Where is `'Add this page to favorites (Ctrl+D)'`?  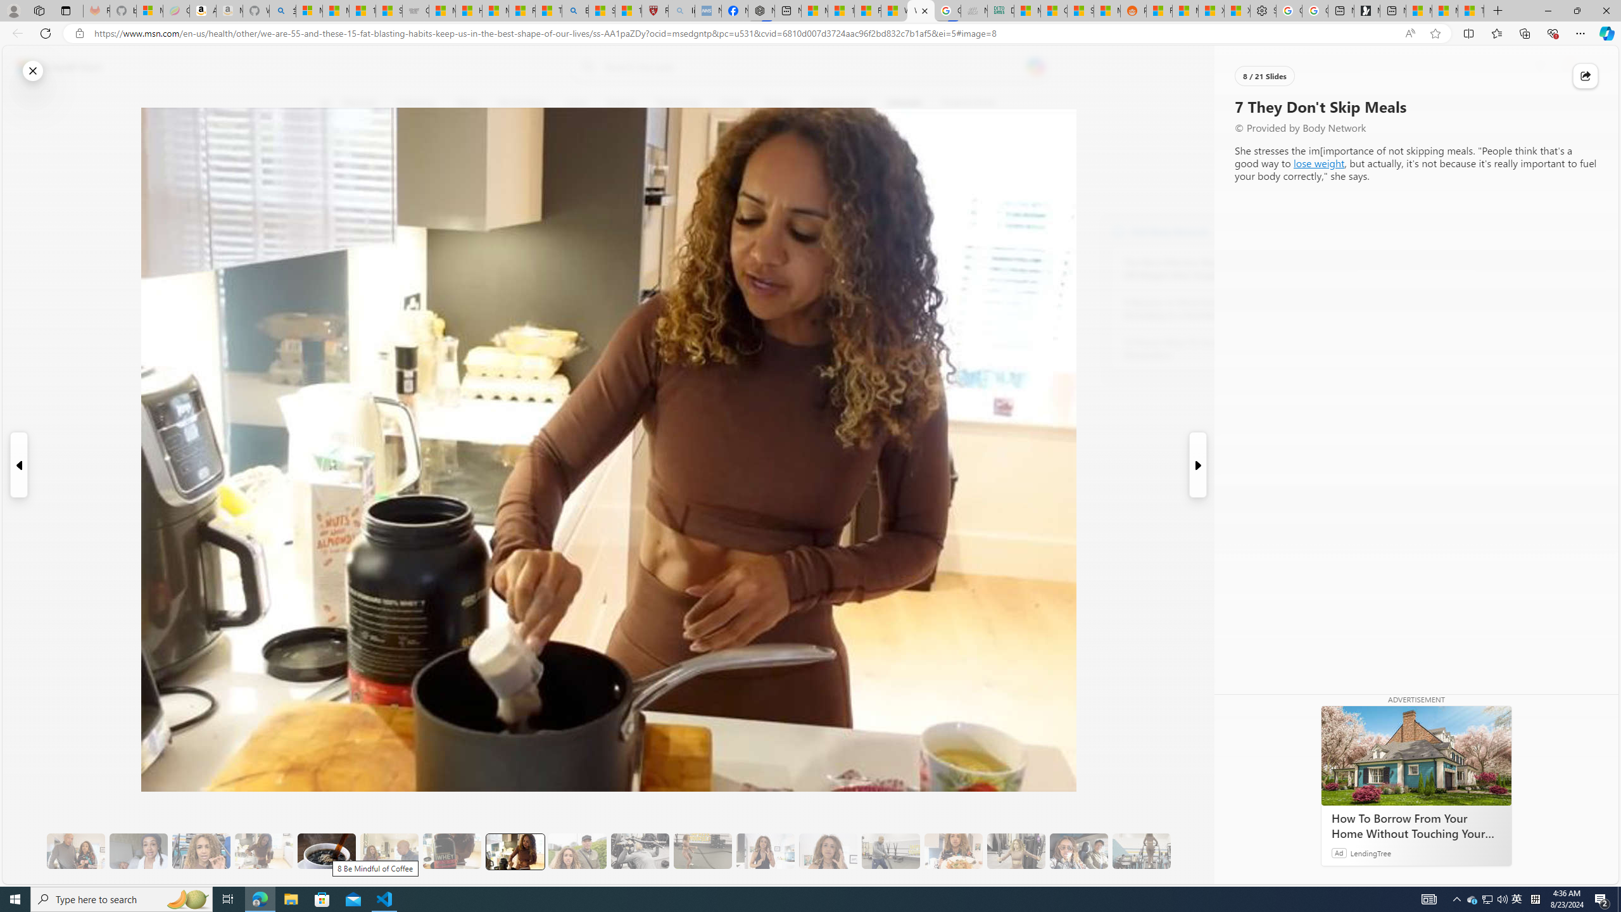
'Add this page to favorites (Ctrl+D)' is located at coordinates (1435, 34).